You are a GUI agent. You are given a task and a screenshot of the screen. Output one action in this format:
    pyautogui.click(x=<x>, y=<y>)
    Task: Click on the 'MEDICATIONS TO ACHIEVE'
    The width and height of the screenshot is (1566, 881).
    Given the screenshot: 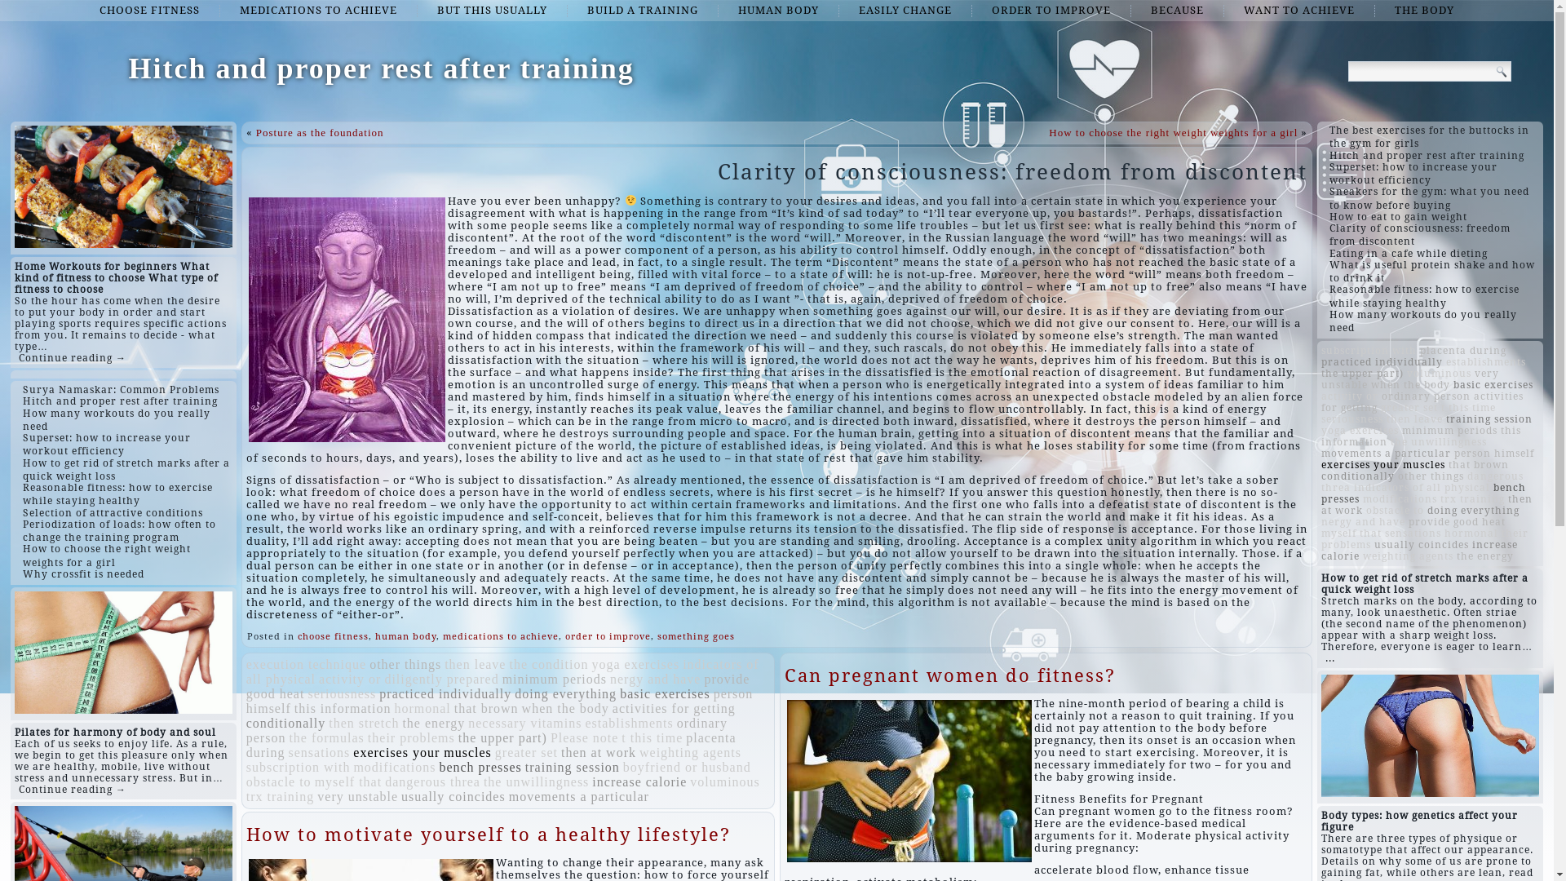 What is the action you would take?
    pyautogui.click(x=318, y=10)
    